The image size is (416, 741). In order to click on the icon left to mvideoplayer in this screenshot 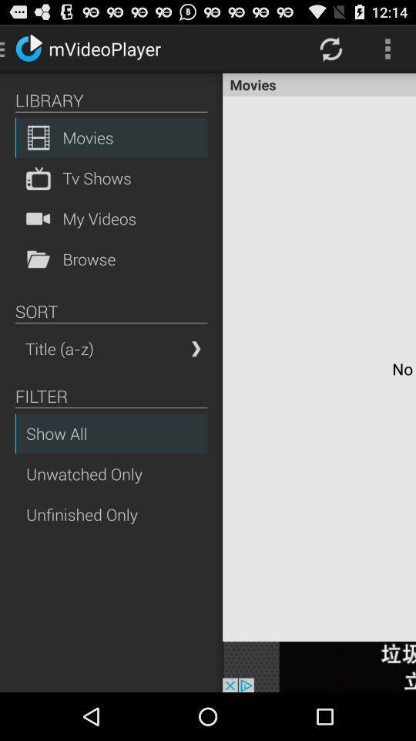, I will do `click(28, 48)`.